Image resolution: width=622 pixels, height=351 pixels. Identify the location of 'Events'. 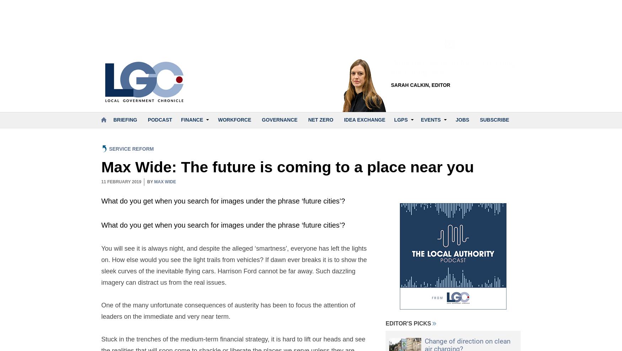
(431, 119).